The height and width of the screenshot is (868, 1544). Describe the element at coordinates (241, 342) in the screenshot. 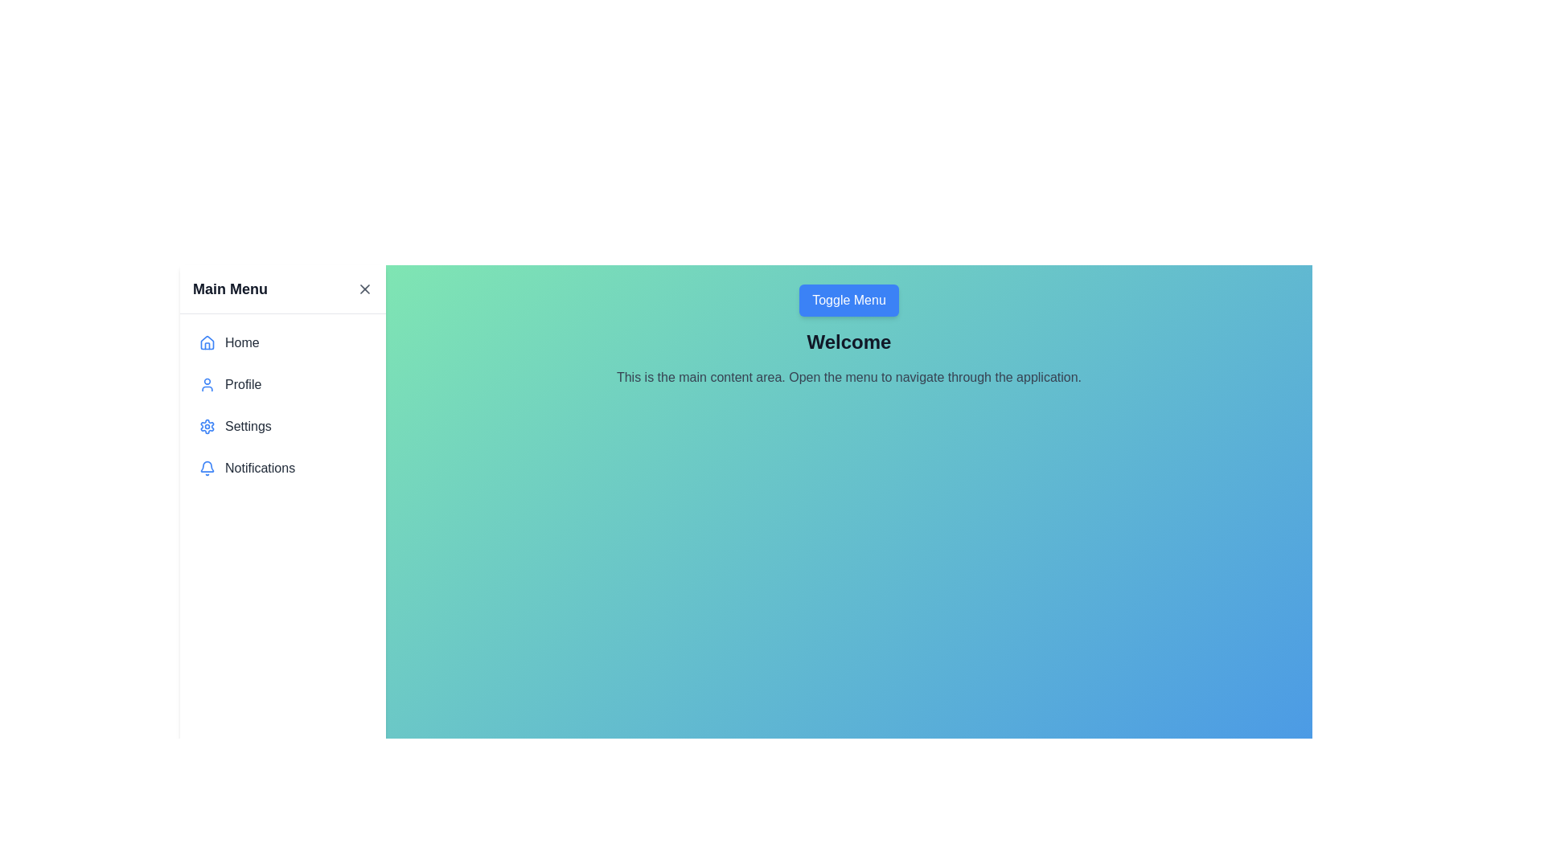

I see `text label indicating the functionality of the 'Home' menu item located on the left side of the interface` at that location.